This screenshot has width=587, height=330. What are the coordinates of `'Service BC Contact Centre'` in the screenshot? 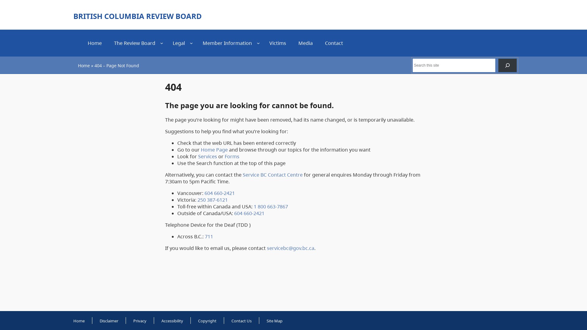 It's located at (272, 174).